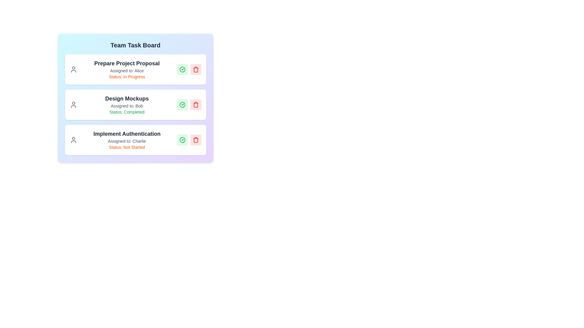 The width and height of the screenshot is (584, 328). I want to click on trash button for the task titled 'Prepare Project Proposal' to delete it, so click(196, 69).